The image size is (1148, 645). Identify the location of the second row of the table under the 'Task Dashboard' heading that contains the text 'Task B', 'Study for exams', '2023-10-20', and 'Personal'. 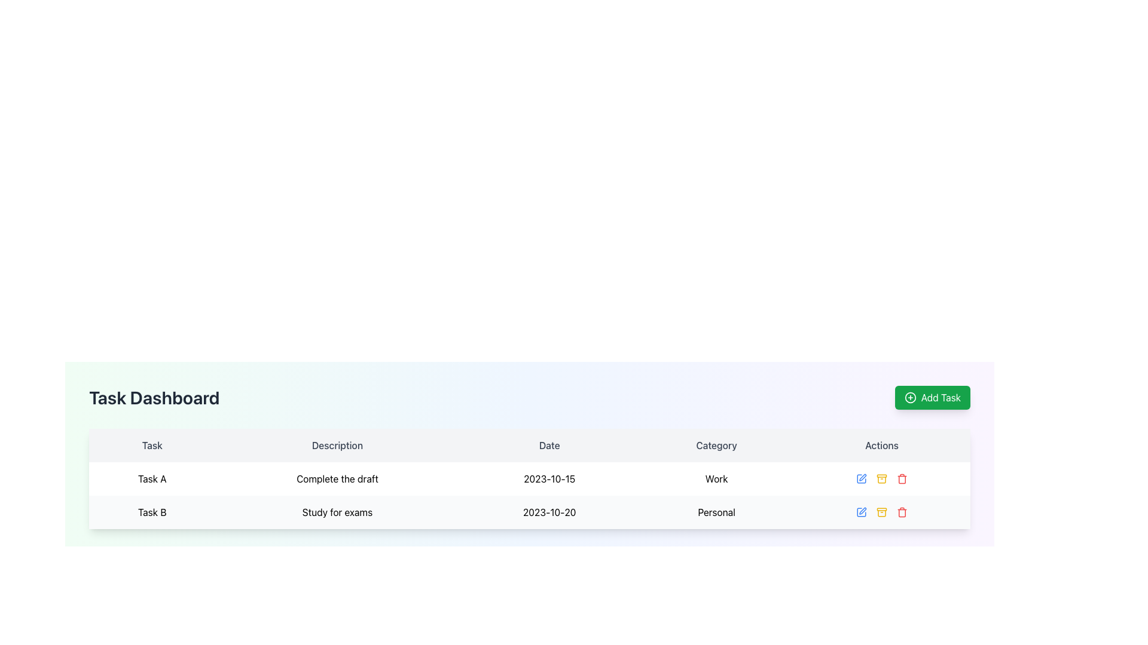
(529, 511).